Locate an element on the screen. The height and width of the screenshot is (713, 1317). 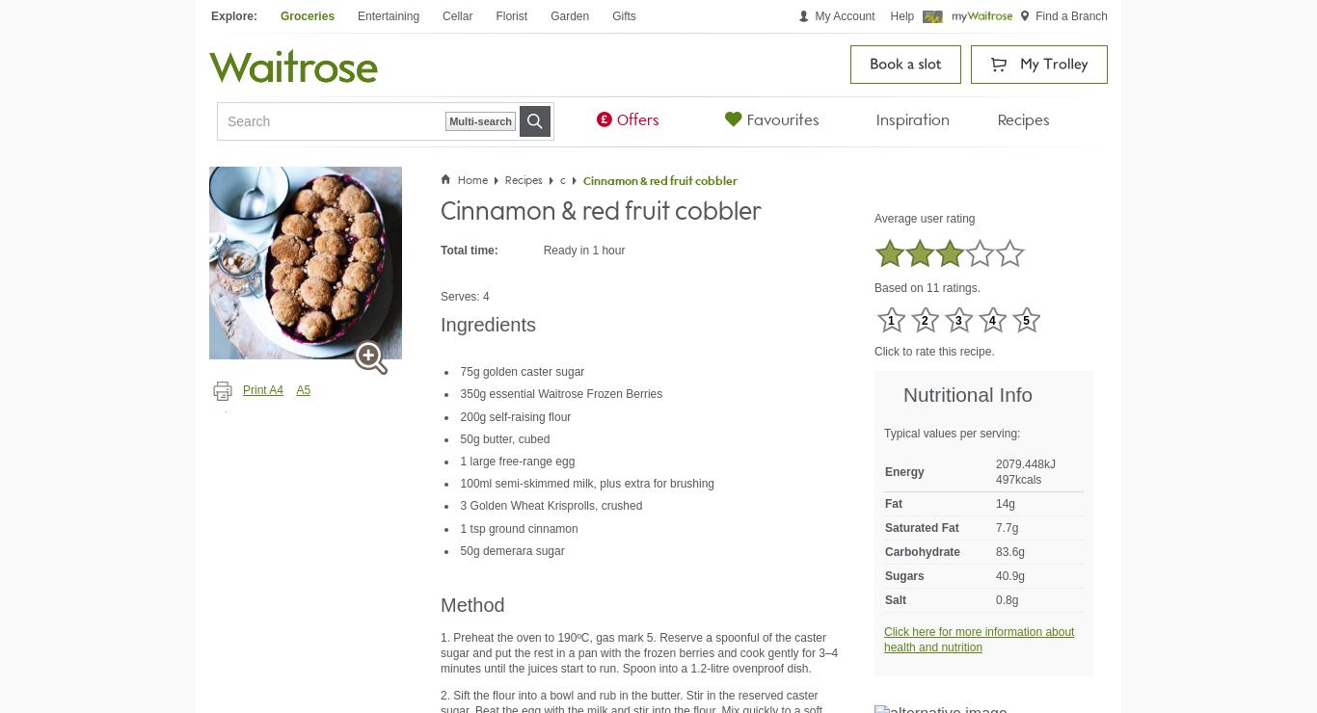
'83.6g' is located at coordinates (1008, 550).